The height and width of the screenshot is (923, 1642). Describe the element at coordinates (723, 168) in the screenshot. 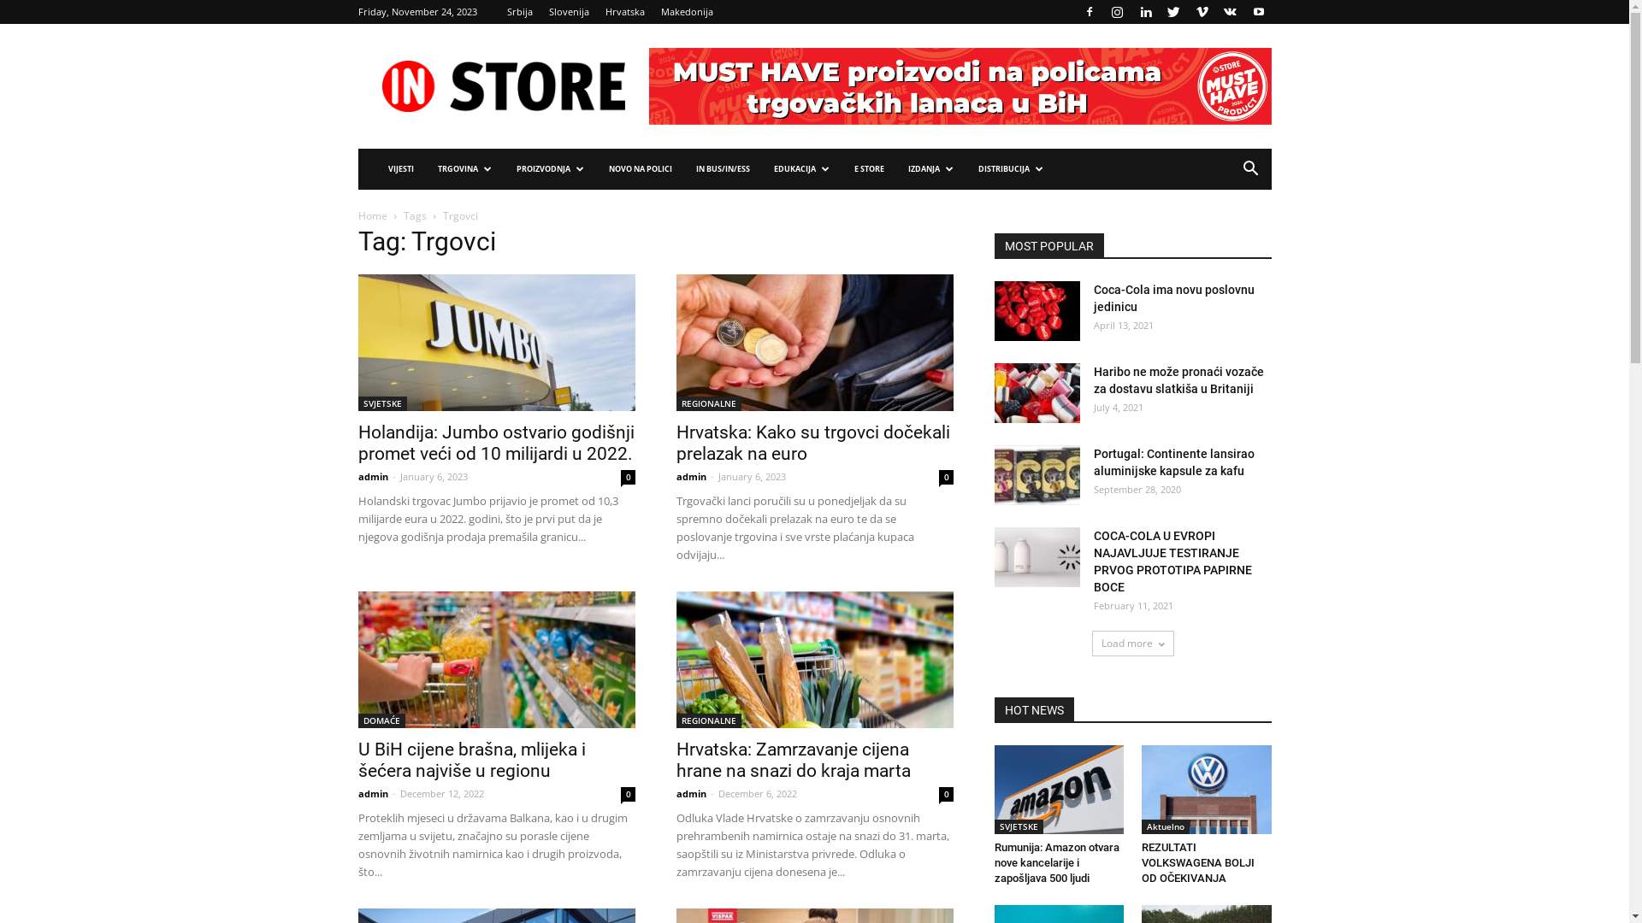

I see `'IN BUS/IN/ESS'` at that location.